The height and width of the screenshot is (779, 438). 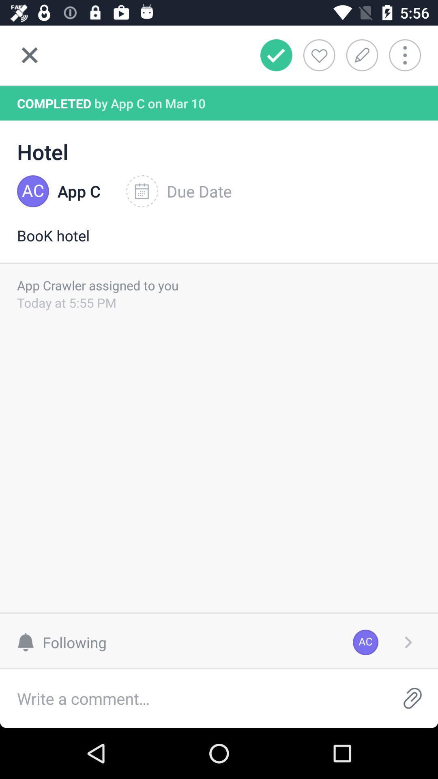 What do you see at coordinates (318, 54) in the screenshot?
I see `the favourites icon` at bounding box center [318, 54].